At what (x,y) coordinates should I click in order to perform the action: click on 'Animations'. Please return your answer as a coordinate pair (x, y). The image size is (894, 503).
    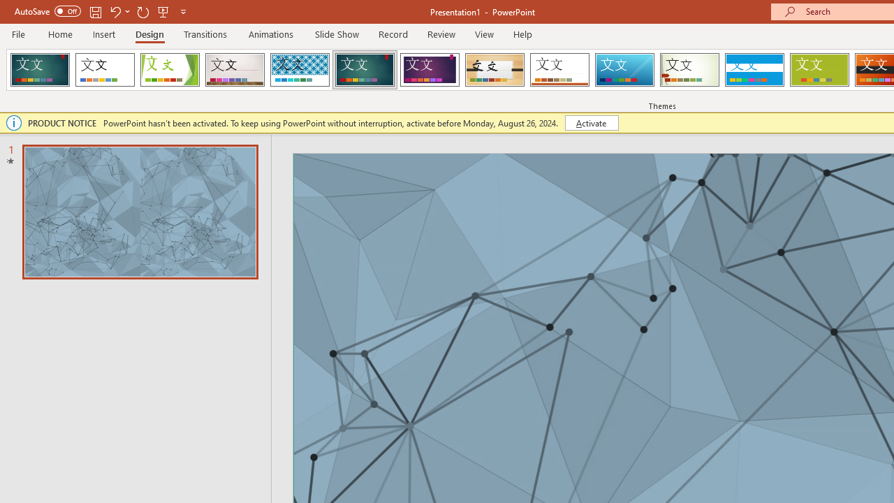
    Looking at the image, I should click on (271, 34).